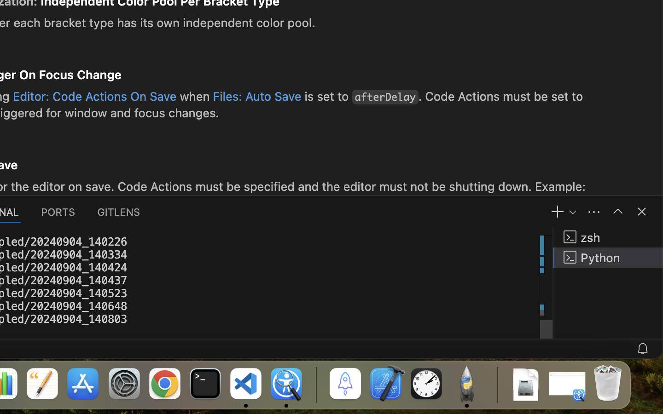 This screenshot has height=414, width=663. I want to click on '0 GITLENS', so click(119, 211).